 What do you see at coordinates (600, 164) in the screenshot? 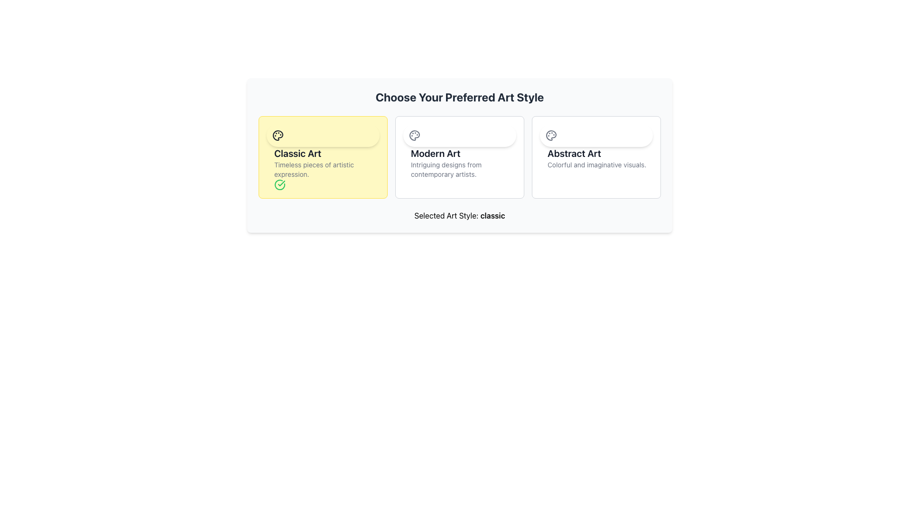
I see `the descriptive text label providing additional details about the 'Abstract Art' option, located in the third column of art styles near the right-hand side of the interface` at bounding box center [600, 164].